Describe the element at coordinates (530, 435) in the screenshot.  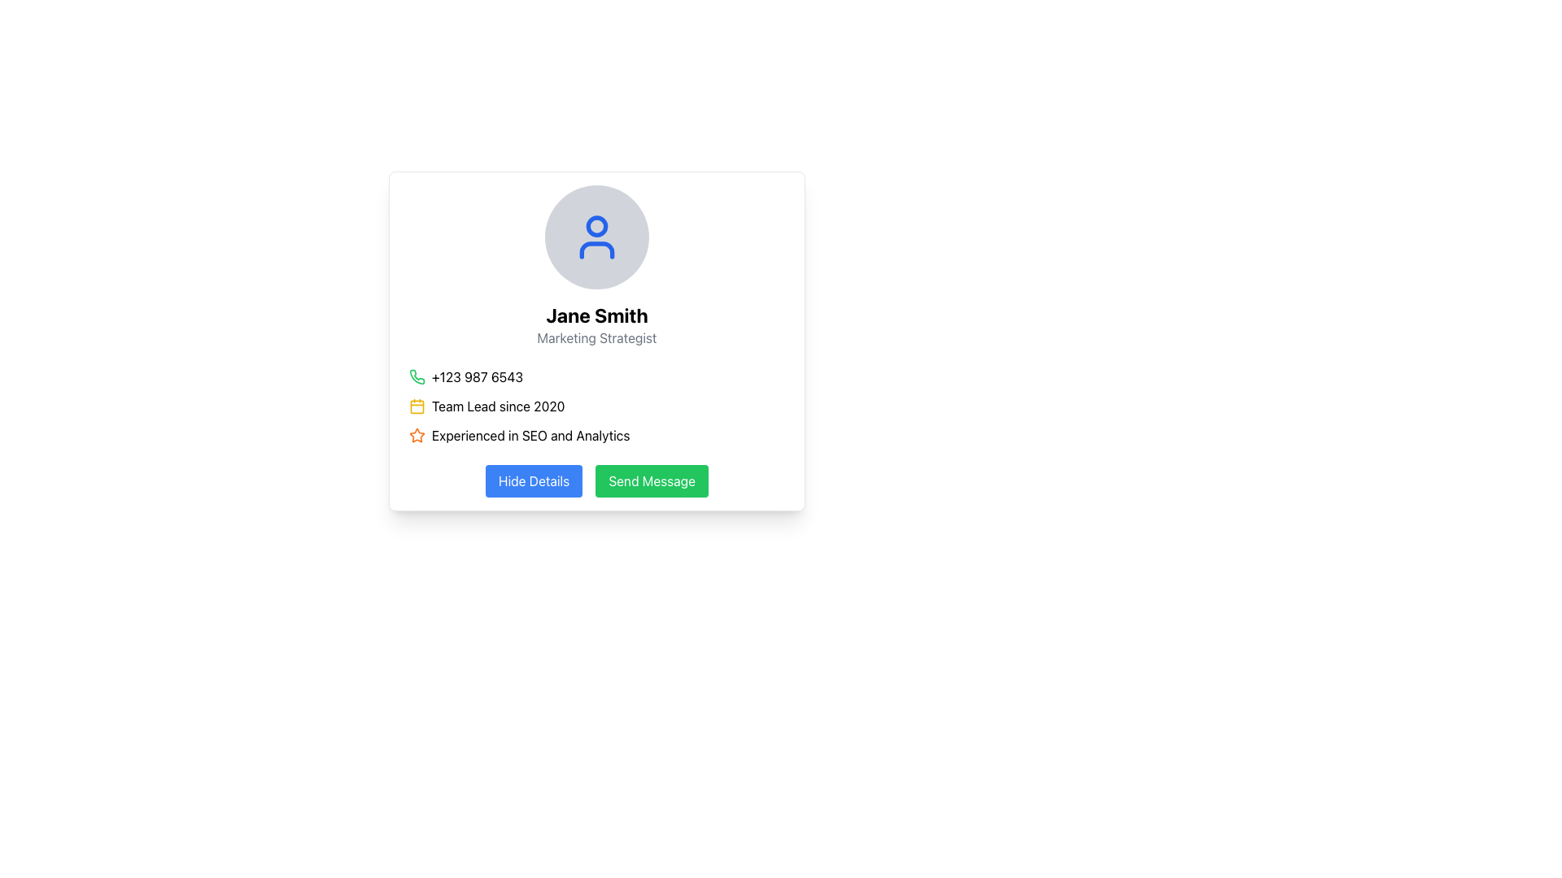
I see `the Text Label displaying 'Experienced in SEO and Analytics', located below 'Team Lead since 2020' and to the right of an orange star icon` at that location.